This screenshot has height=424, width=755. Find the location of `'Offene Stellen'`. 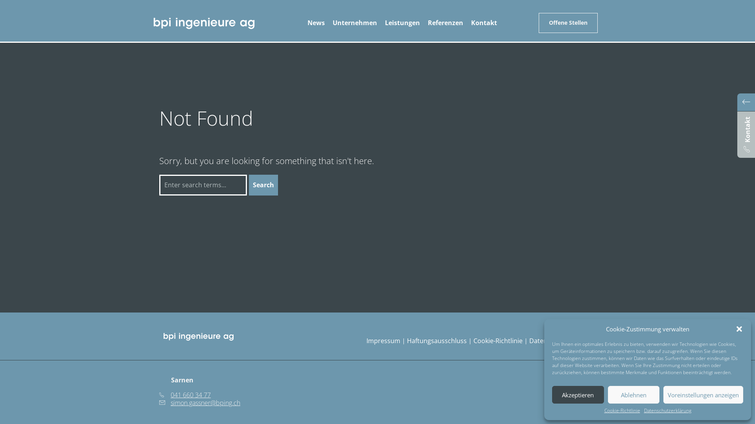

'Offene Stellen' is located at coordinates (568, 22).